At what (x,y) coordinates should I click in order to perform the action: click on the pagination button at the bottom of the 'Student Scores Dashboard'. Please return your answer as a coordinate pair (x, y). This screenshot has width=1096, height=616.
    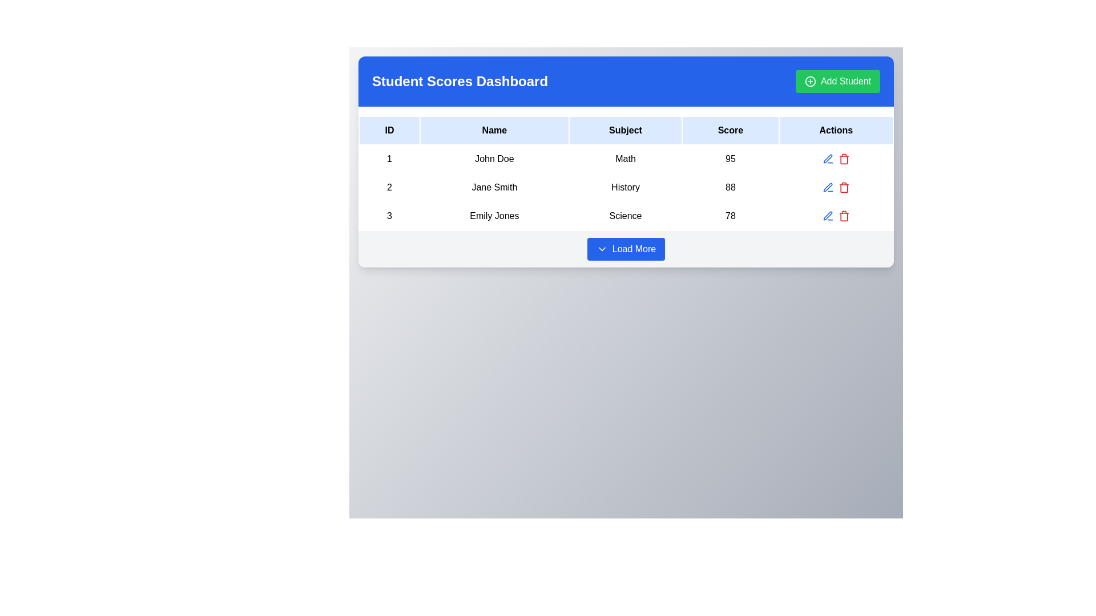
    Looking at the image, I should click on (626, 248).